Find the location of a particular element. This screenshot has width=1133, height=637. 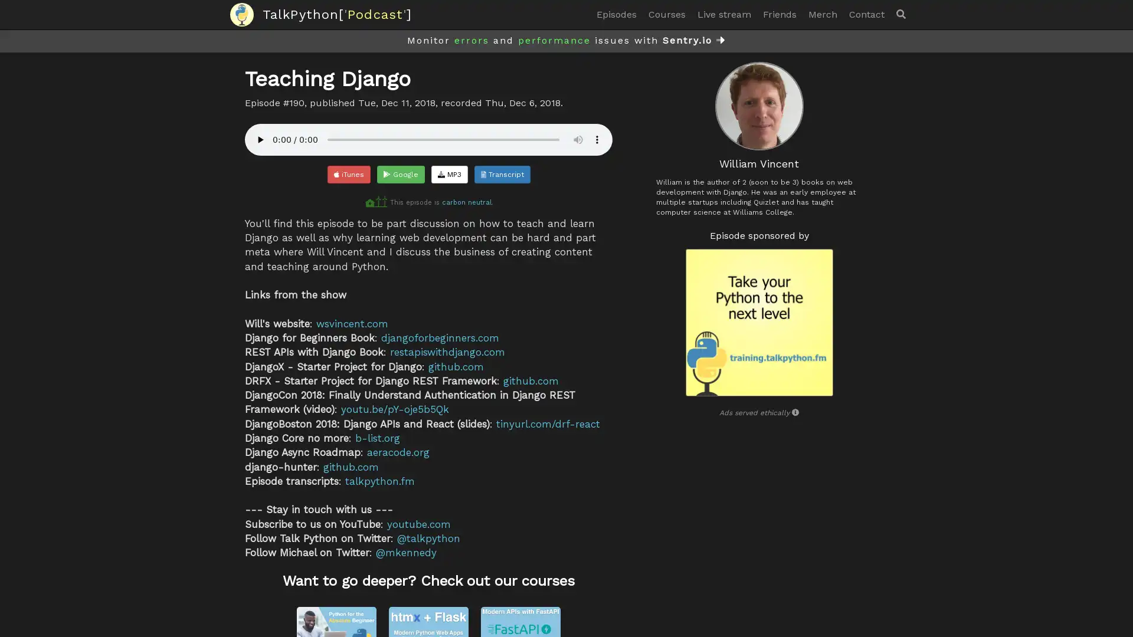

play is located at coordinates (260, 139).